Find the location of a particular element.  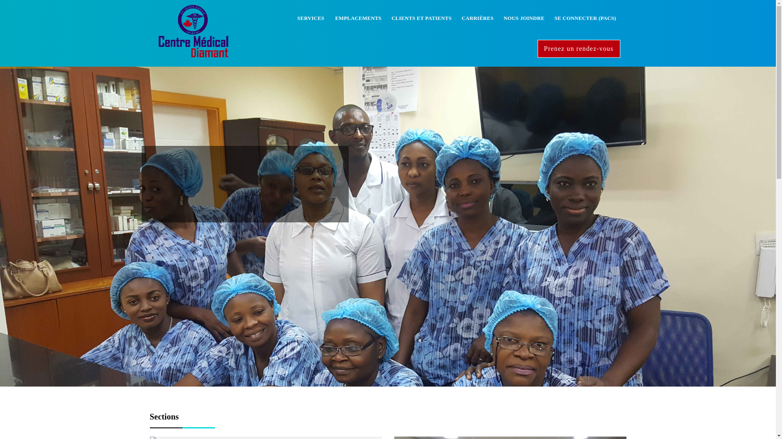

'SERVICES' is located at coordinates (292, 18).